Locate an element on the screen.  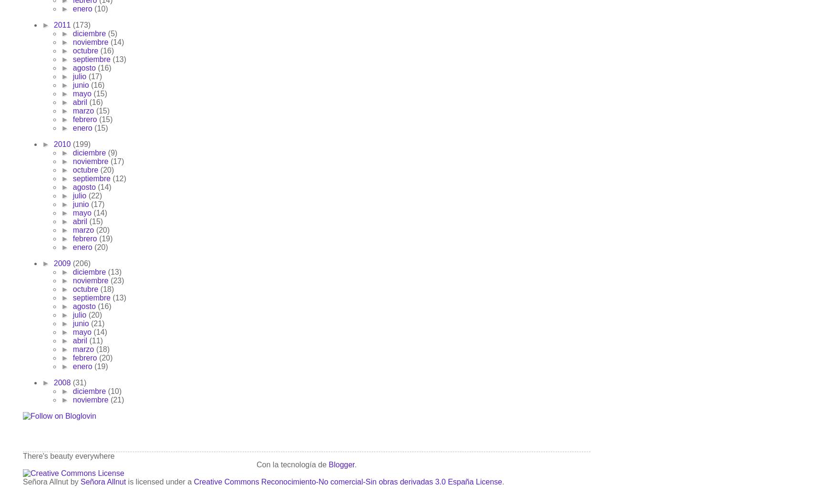
'Con la tecnología de' is located at coordinates (292, 464).